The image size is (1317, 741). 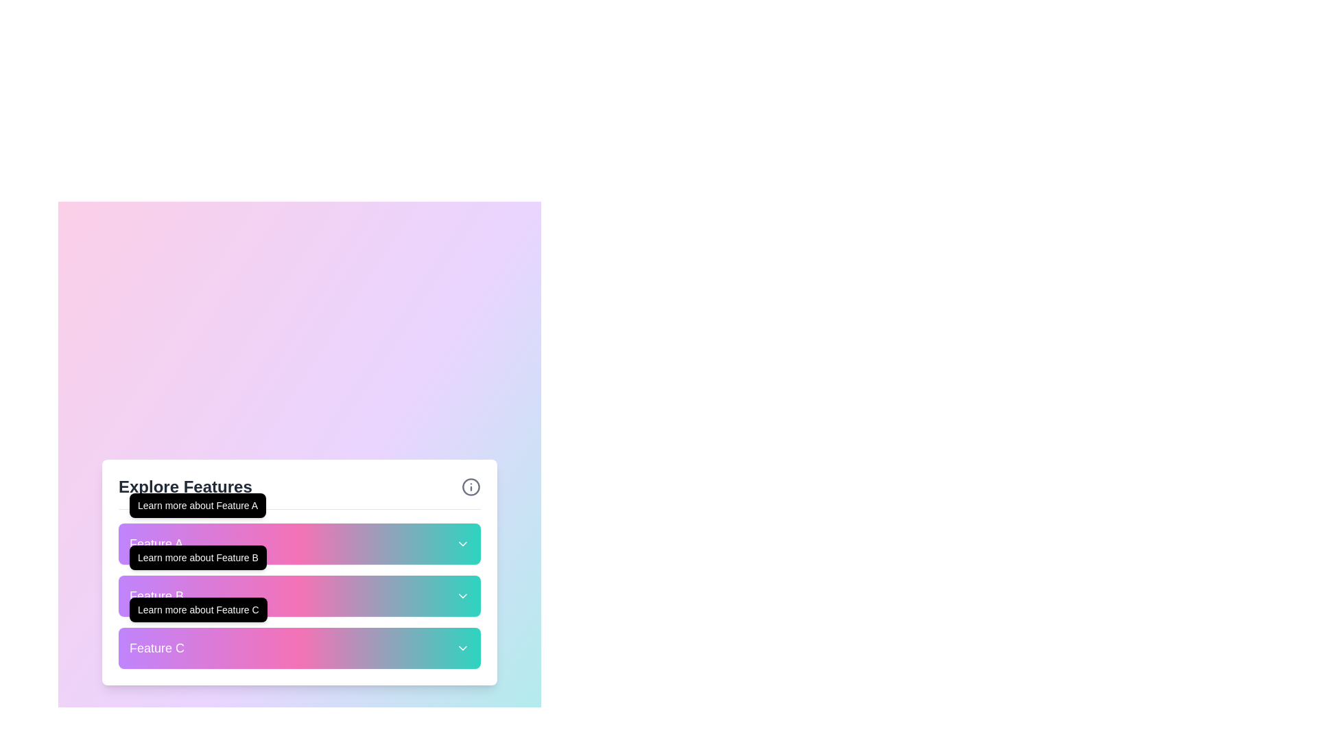 What do you see at coordinates (463, 595) in the screenshot?
I see `the Dropdown indicator icon located on the far right side of the 'Feature B' section` at bounding box center [463, 595].